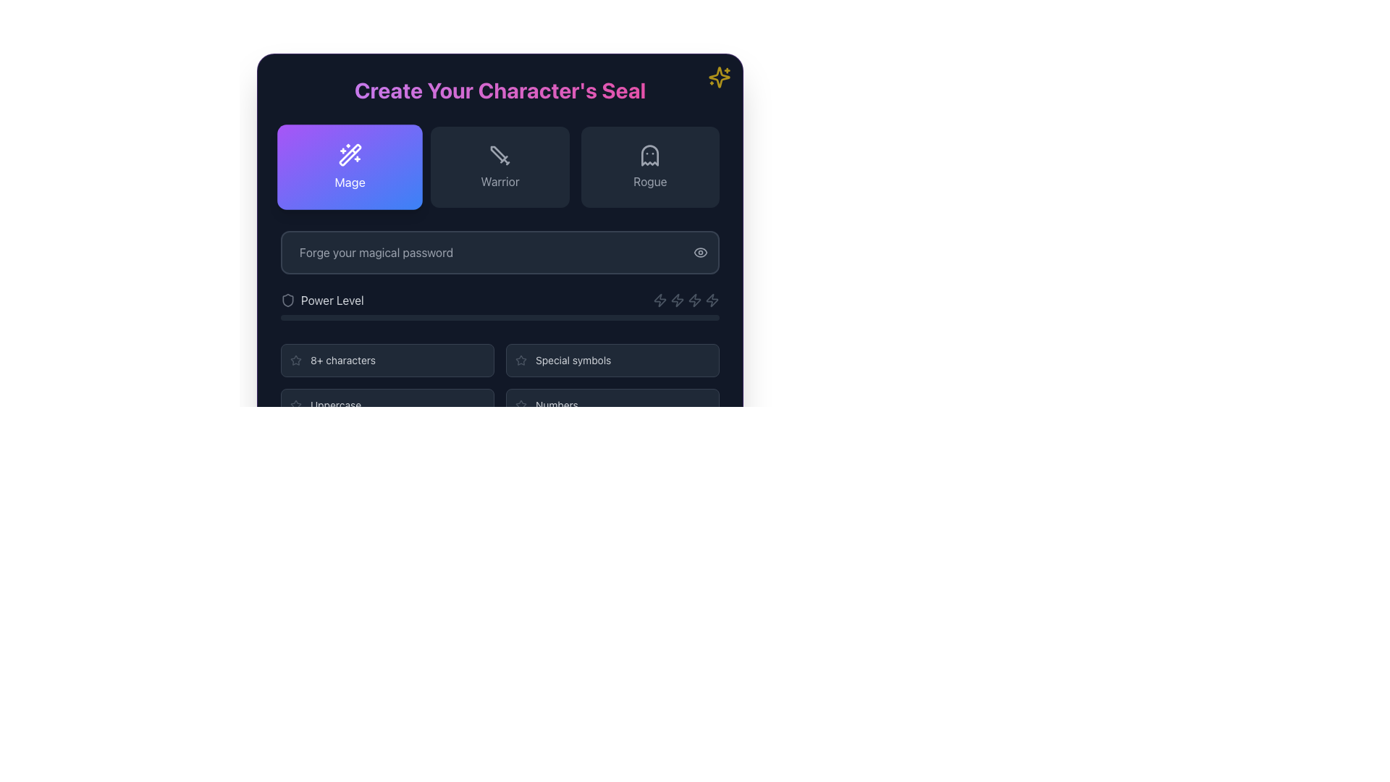 The height and width of the screenshot is (782, 1390). I want to click on the small, stylized gray lightning bolt icon located at the bottom-right corner of the password input field, so click(712, 300).